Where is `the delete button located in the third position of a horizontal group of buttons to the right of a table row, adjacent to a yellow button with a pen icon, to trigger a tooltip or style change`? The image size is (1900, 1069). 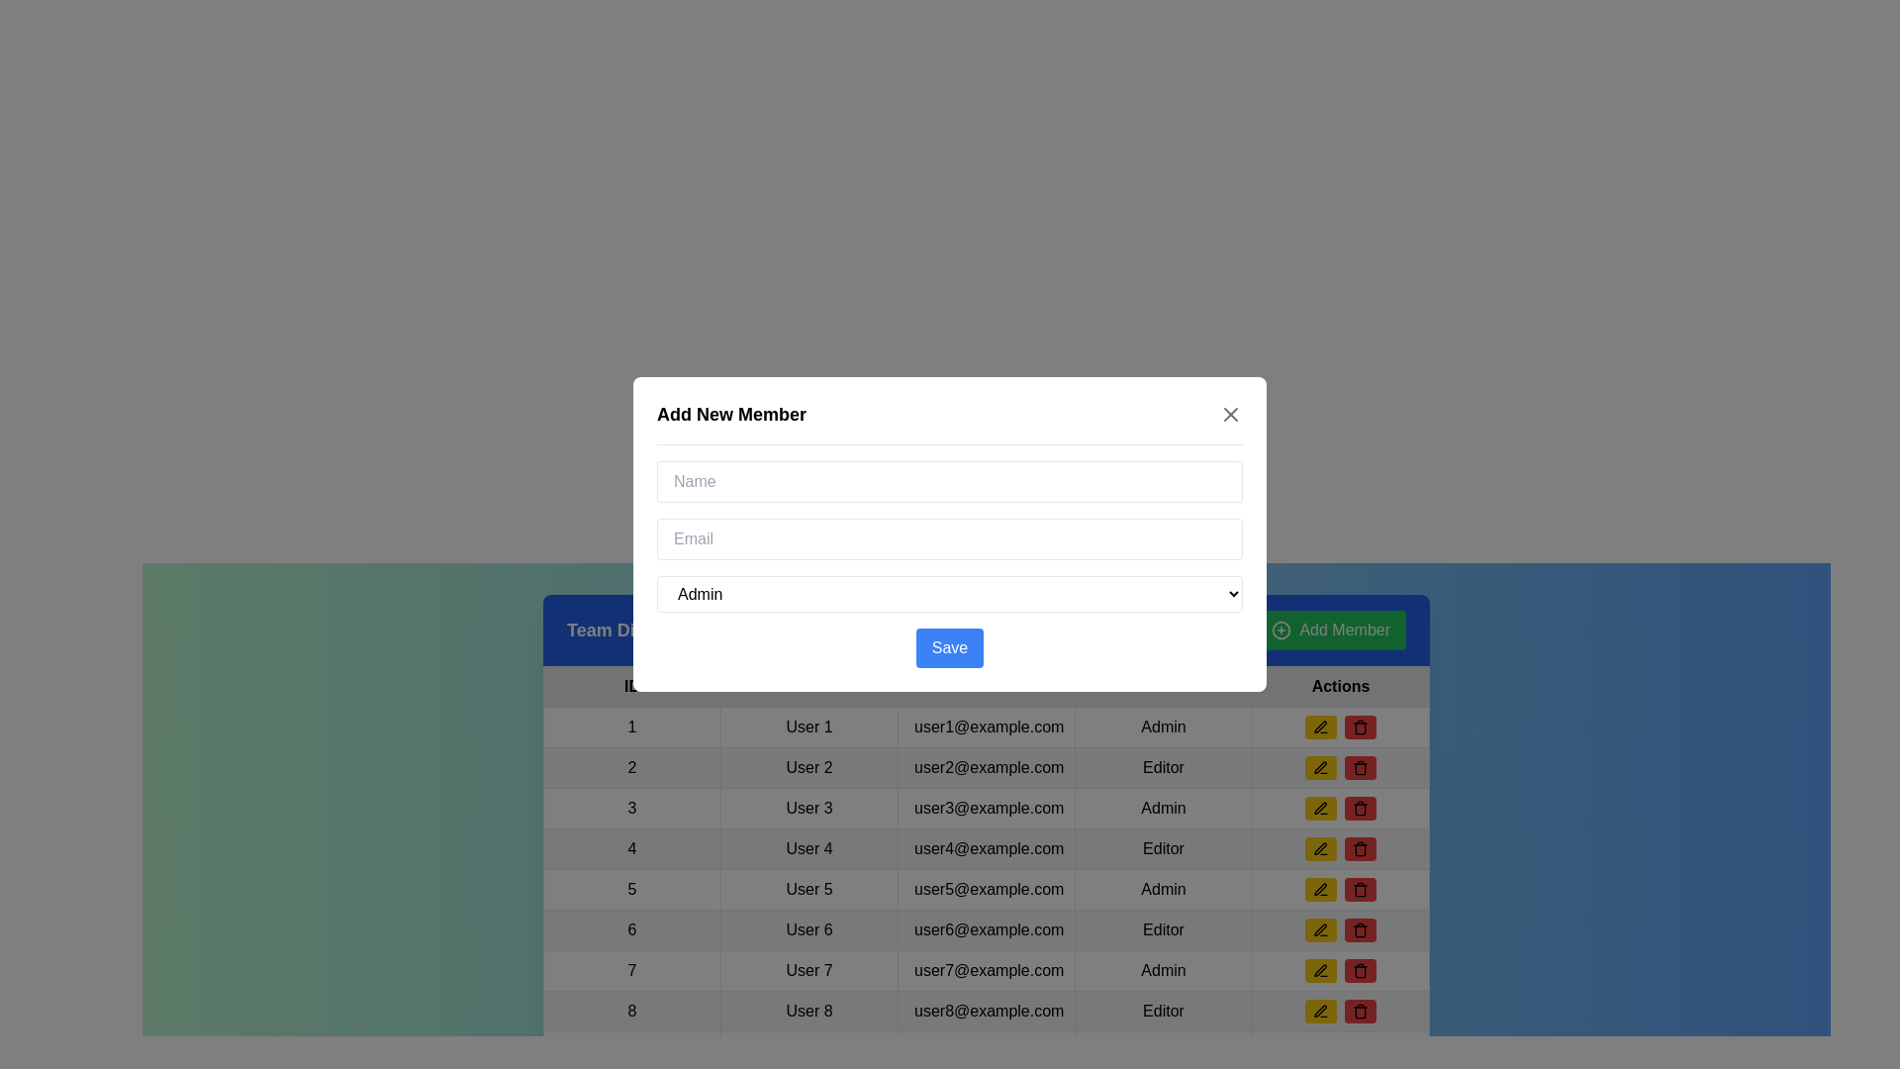 the delete button located in the third position of a horizontal group of buttons to the right of a table row, adjacent to a yellow button with a pen icon, to trigger a tooltip or style change is located at coordinates (1359, 809).